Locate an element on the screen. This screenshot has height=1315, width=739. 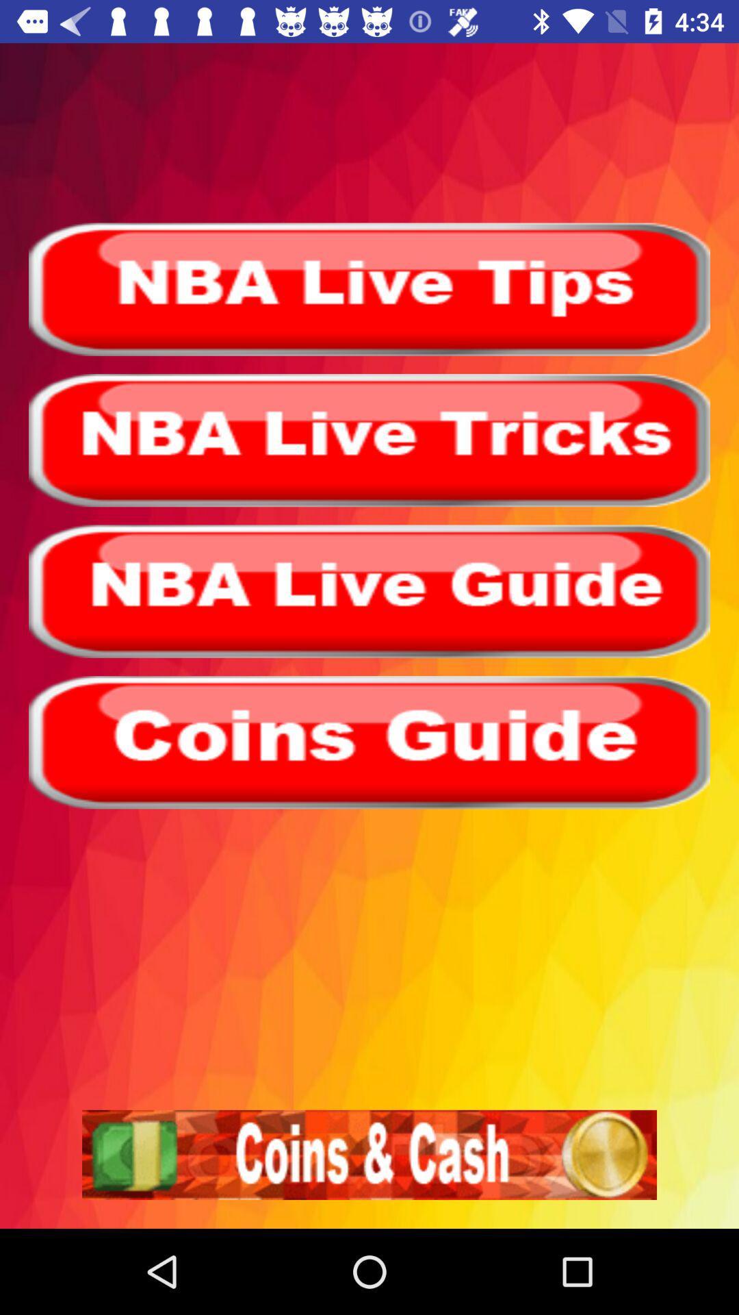
access live guide is located at coordinates (369, 591).